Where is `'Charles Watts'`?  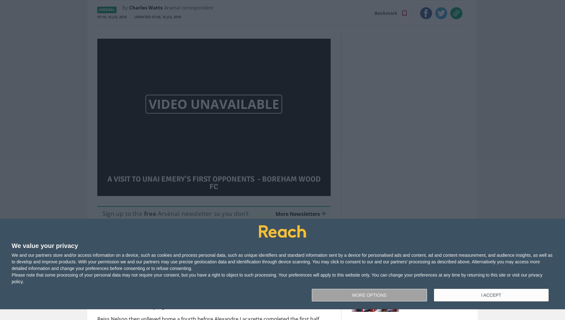 'Charles Watts' is located at coordinates (146, 7).